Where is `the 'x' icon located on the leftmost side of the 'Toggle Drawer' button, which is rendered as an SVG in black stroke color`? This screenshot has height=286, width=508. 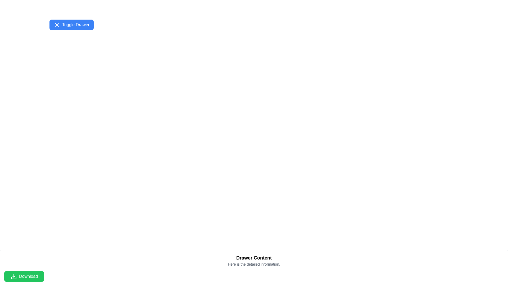
the 'x' icon located on the leftmost side of the 'Toggle Drawer' button, which is rendered as an SVG in black stroke color is located at coordinates (57, 25).